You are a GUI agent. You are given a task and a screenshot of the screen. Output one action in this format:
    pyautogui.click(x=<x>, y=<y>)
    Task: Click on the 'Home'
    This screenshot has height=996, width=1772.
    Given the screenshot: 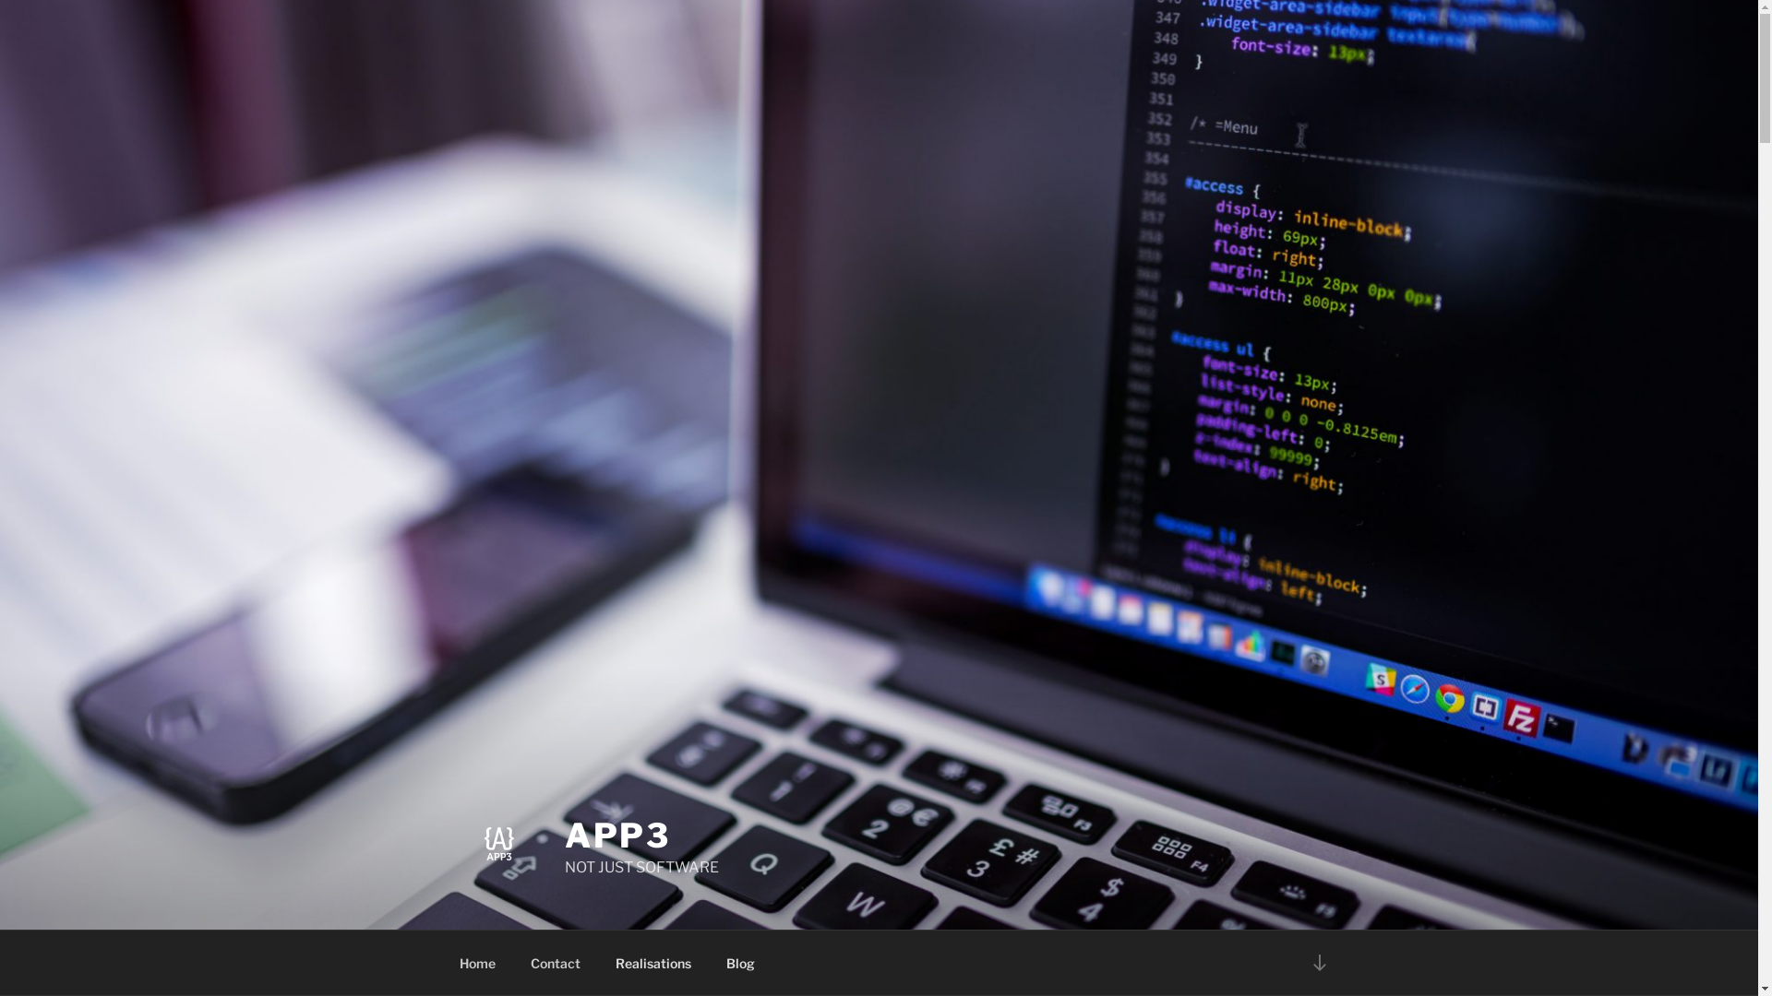 What is the action you would take?
    pyautogui.click(x=477, y=962)
    